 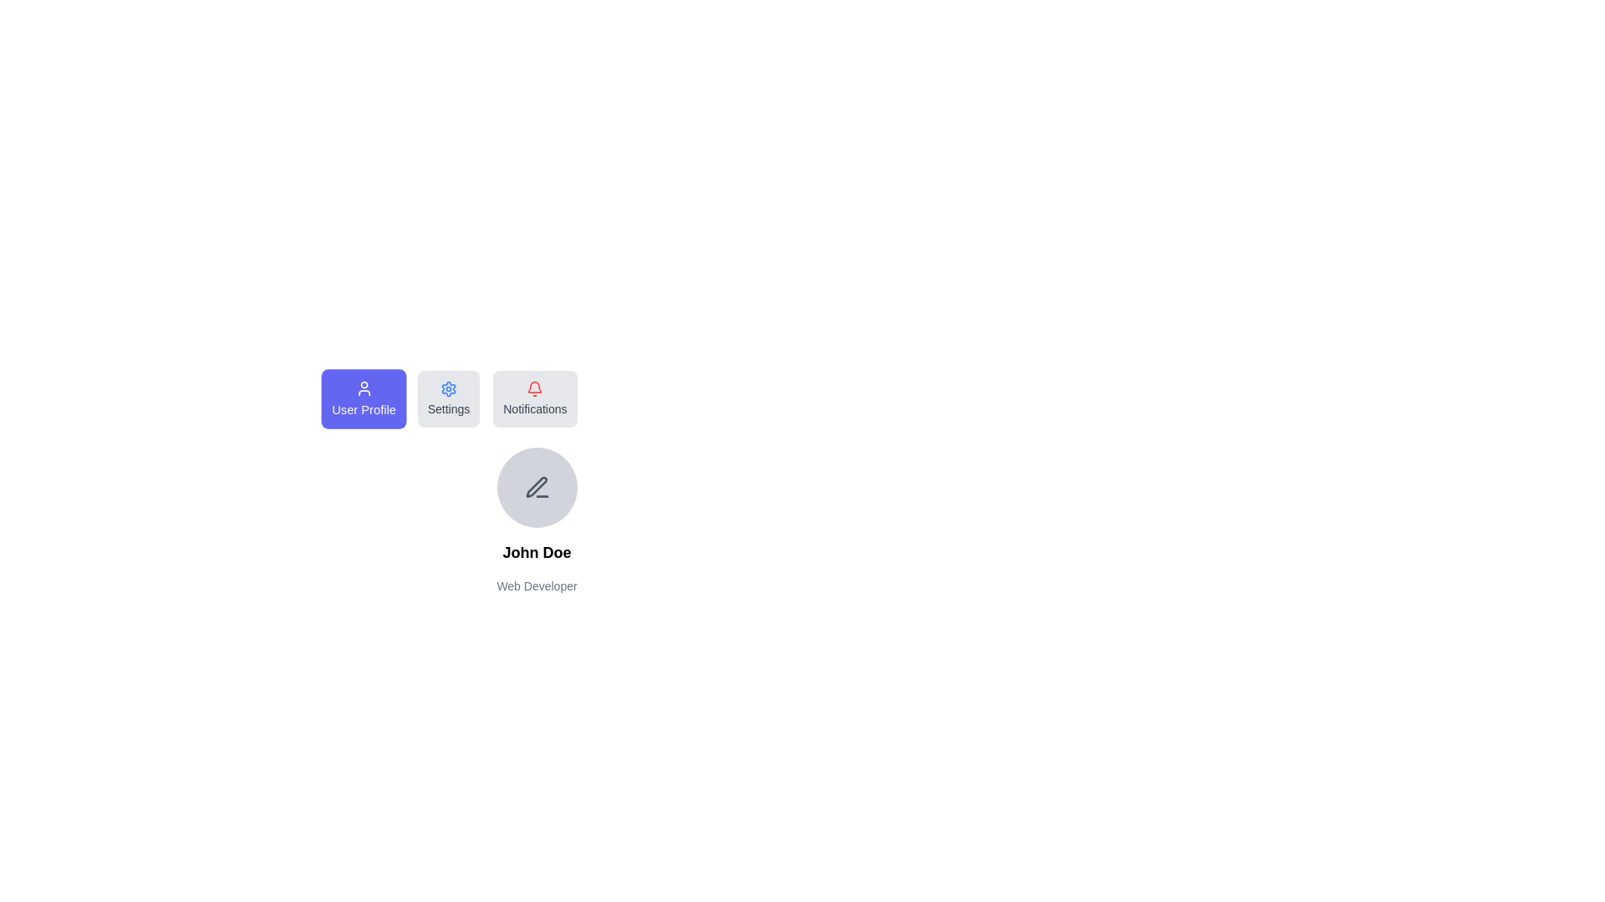 I want to click on the 'Settings' button, which is the second button in a group of three, so click(x=449, y=399).